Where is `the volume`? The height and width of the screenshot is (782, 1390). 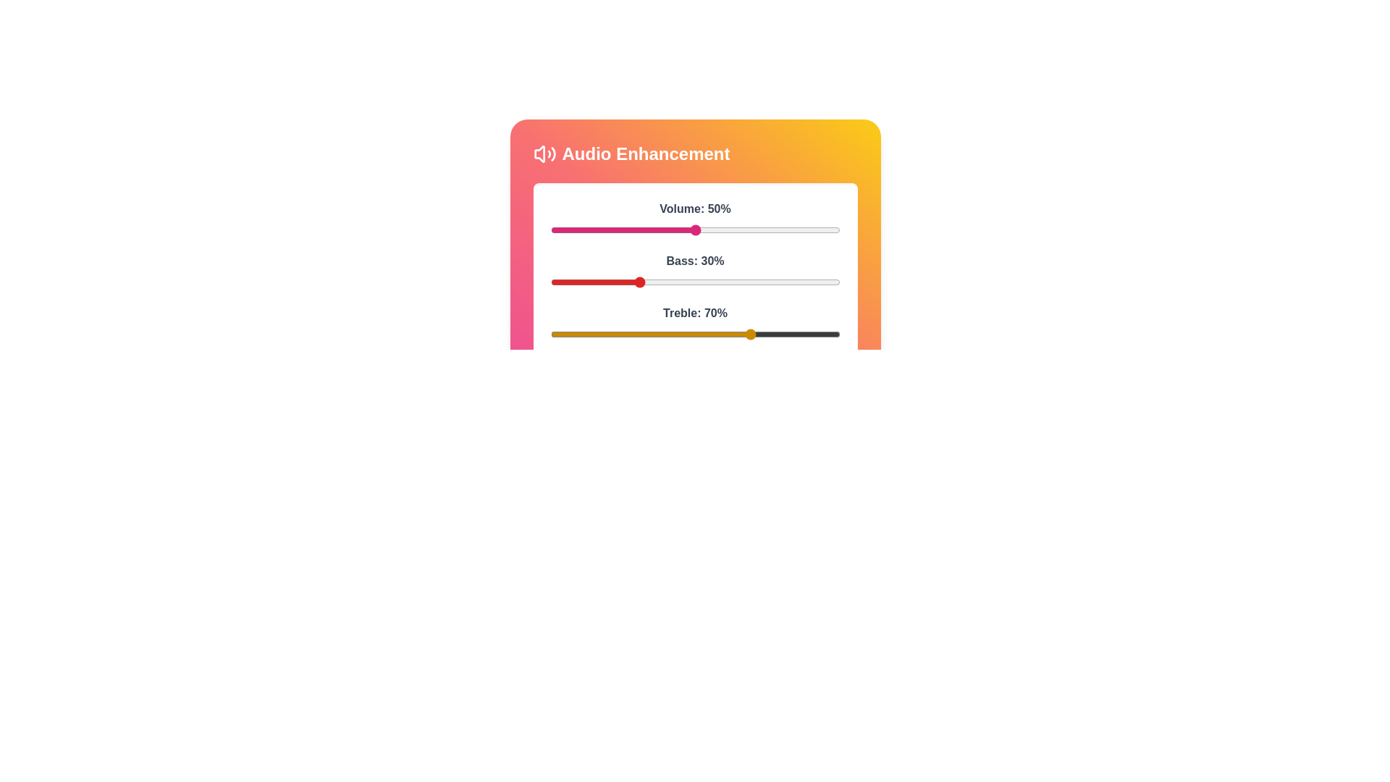
the volume is located at coordinates (799, 229).